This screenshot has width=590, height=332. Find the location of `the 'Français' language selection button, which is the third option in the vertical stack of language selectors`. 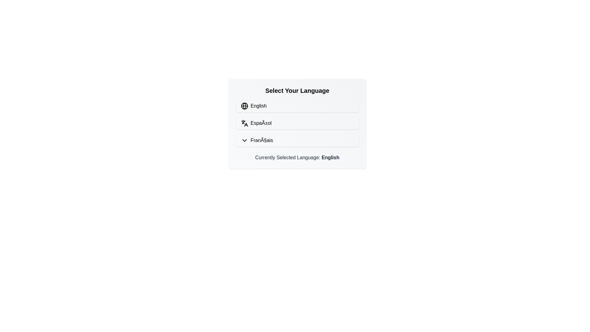

the 'Français' language selection button, which is the third option in the vertical stack of language selectors is located at coordinates (297, 140).